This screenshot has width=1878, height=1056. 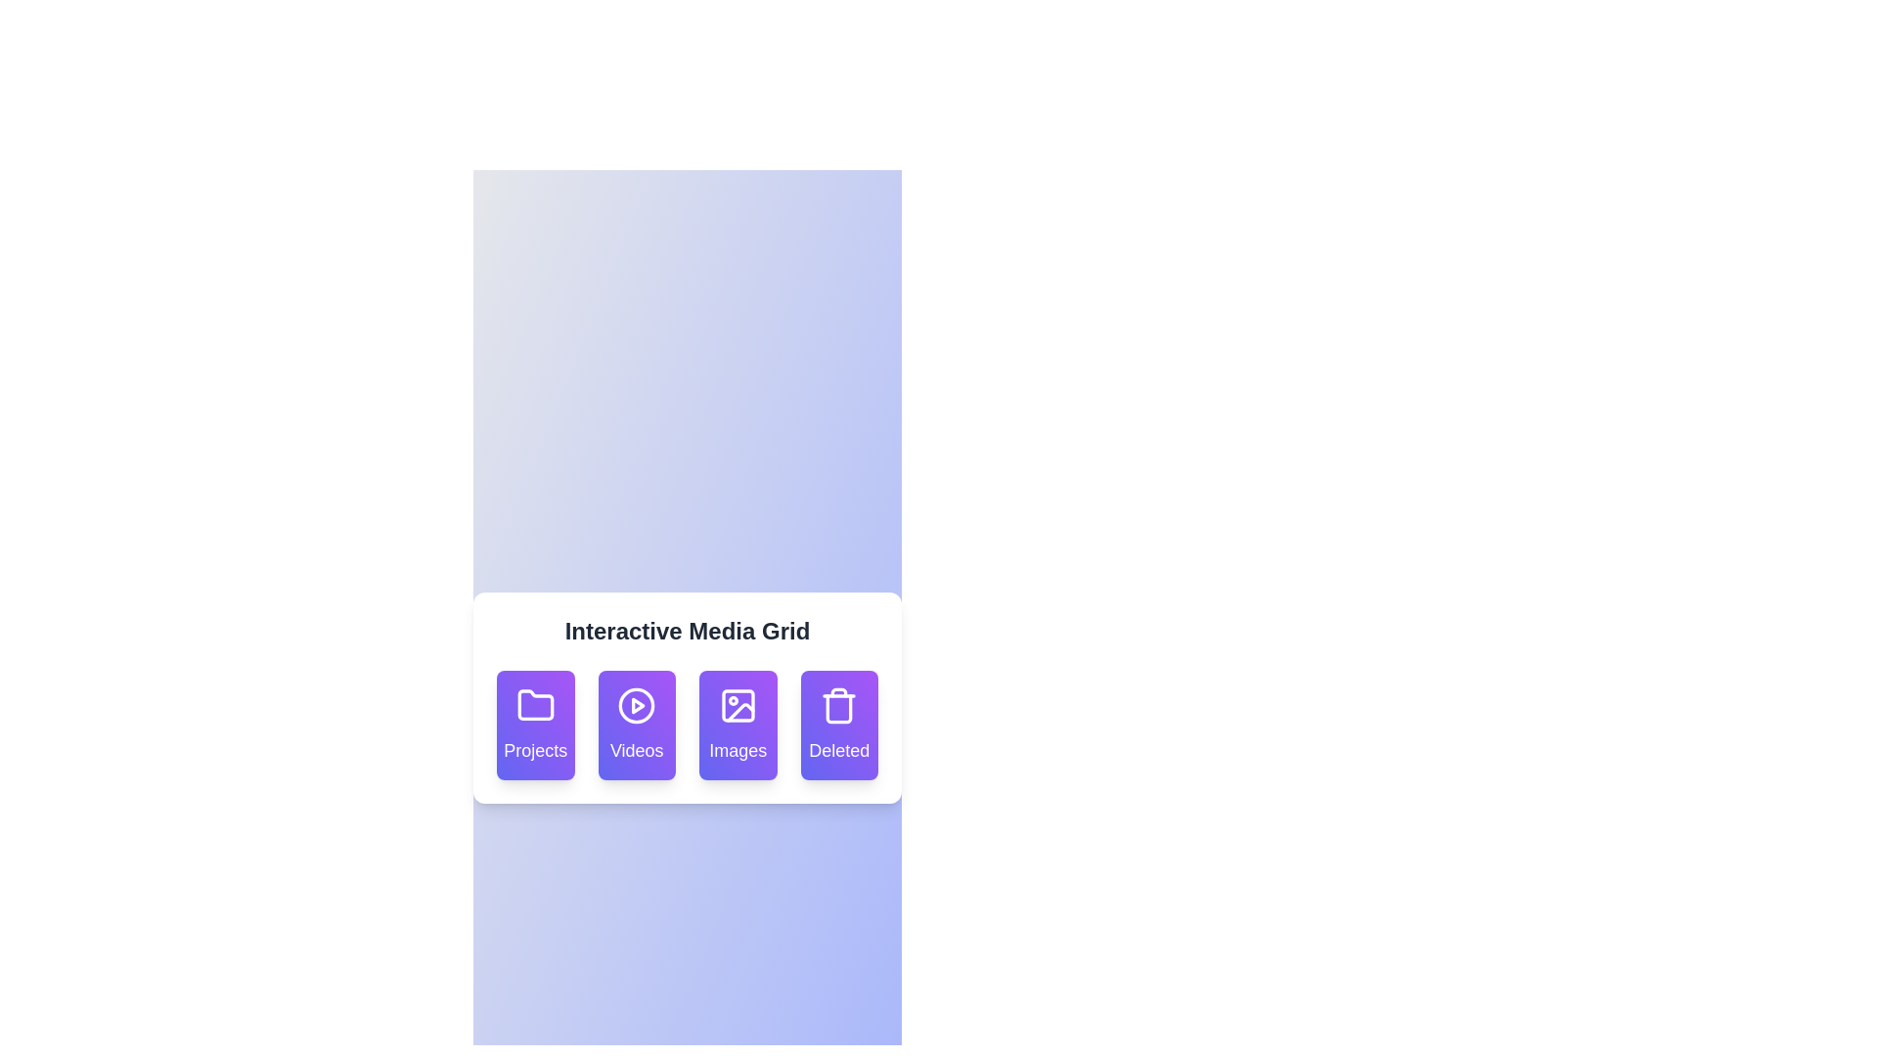 What do you see at coordinates (637, 705) in the screenshot?
I see `the circular play icon button, which features a white triangle in a circular outline, located in the 'Videos' section and is the second icon in a horizontal list` at bounding box center [637, 705].